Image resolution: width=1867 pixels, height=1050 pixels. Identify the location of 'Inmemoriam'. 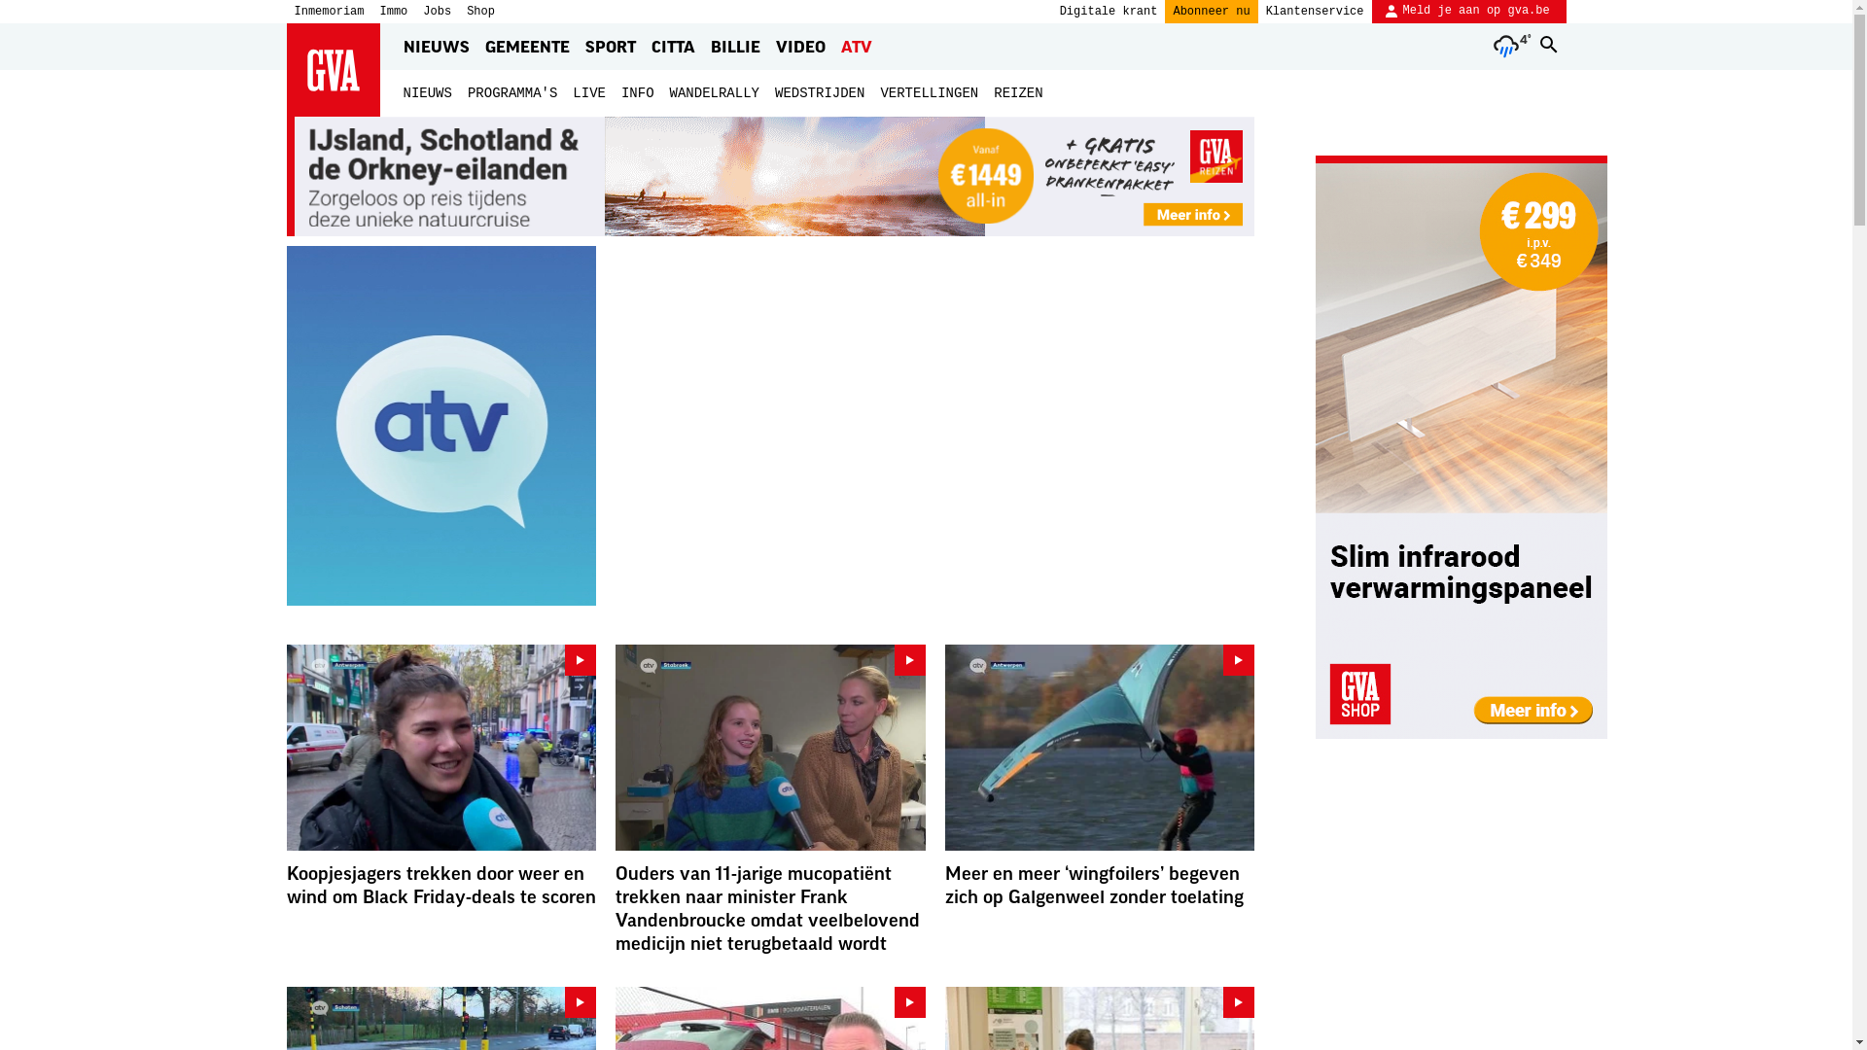
(328, 11).